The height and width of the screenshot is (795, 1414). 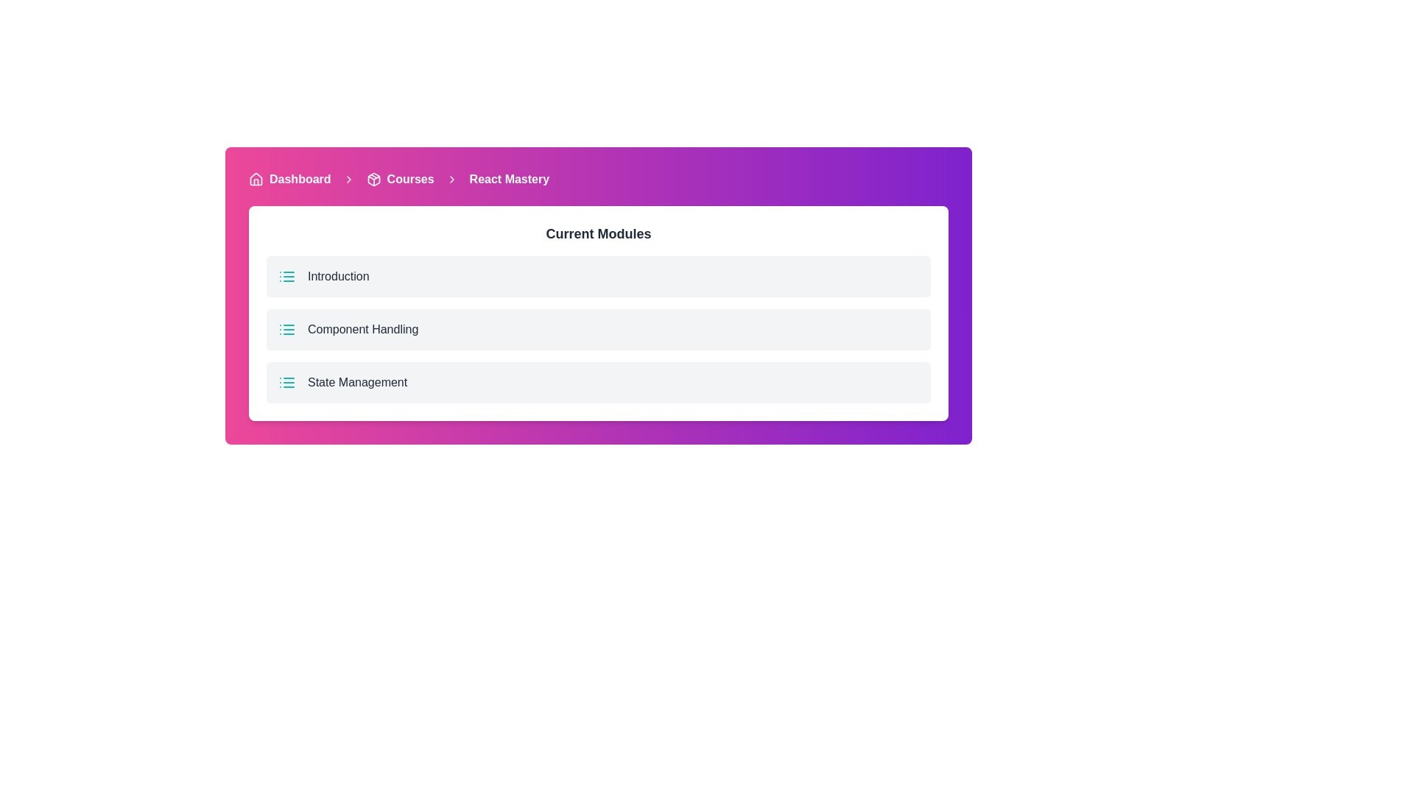 What do you see at coordinates (400, 178) in the screenshot?
I see `the 'Courses' Breadcrumb navigation item, which features a package icon on the left and bold text on a pinkish-purple background` at bounding box center [400, 178].